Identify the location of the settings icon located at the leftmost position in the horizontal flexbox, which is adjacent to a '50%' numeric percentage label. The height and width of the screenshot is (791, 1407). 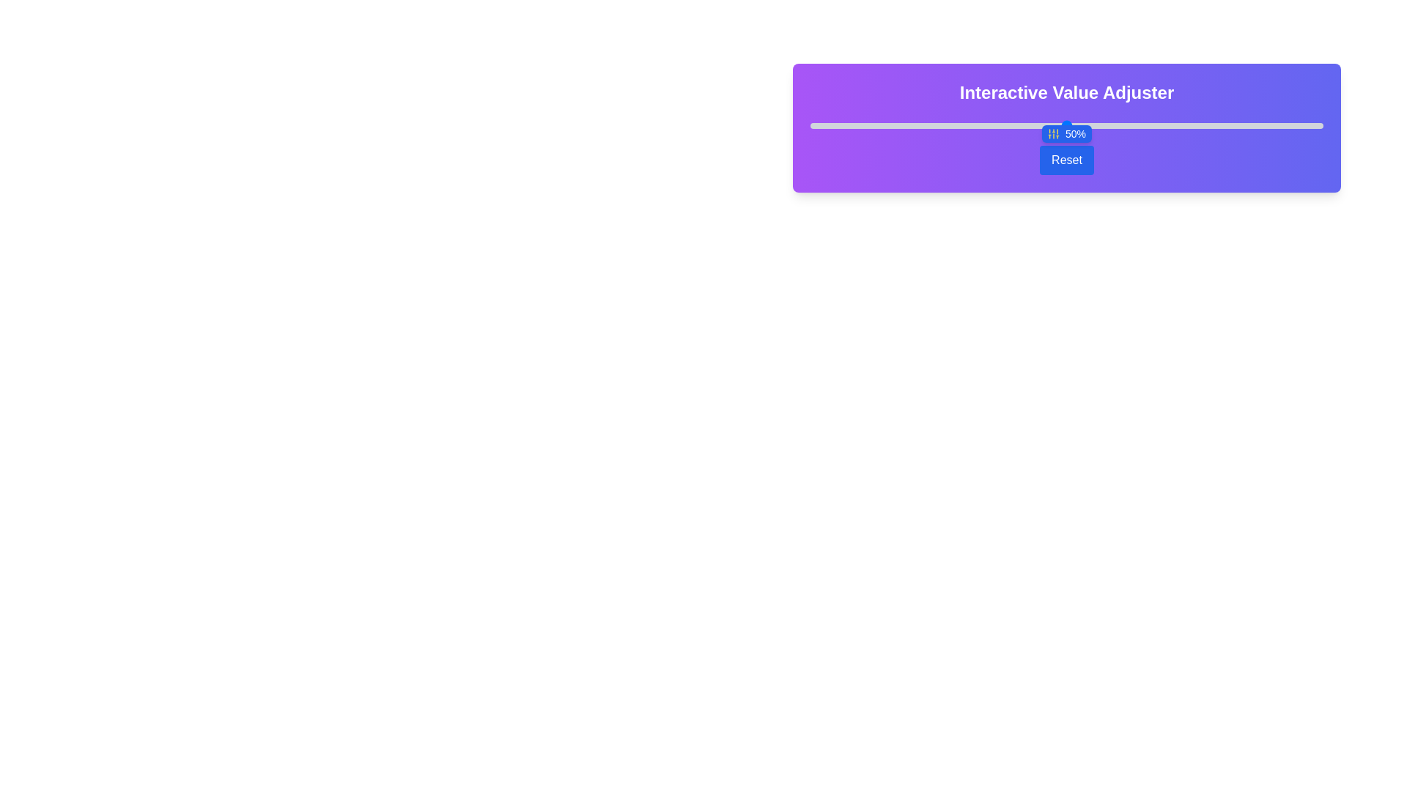
(1052, 133).